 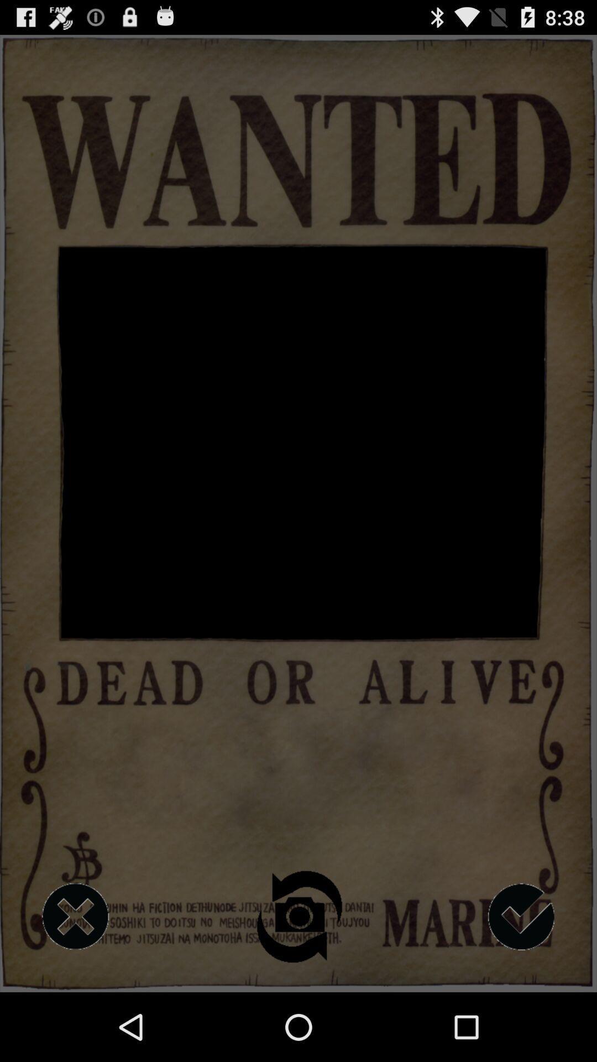 I want to click on the close icon, so click(x=75, y=981).